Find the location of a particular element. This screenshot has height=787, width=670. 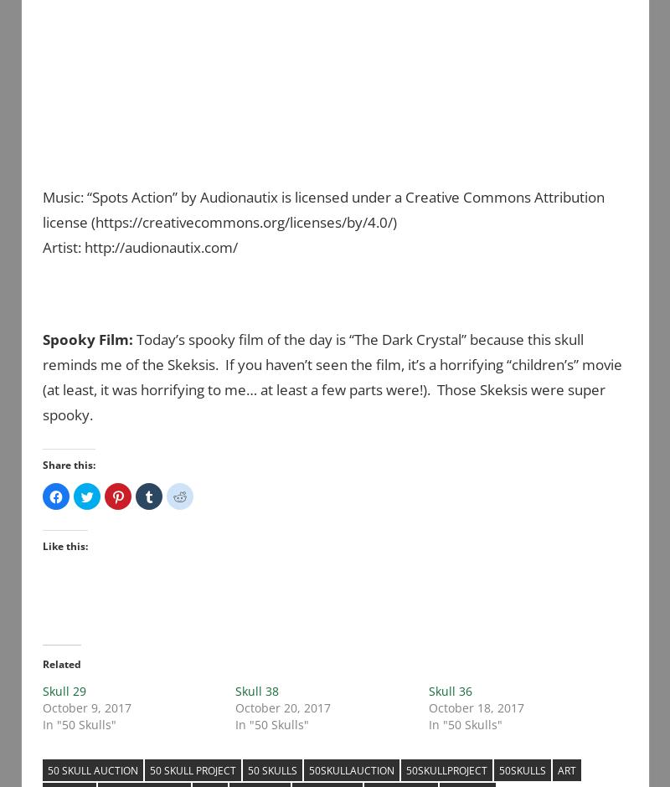

'Artist: http://audionautix.com/' is located at coordinates (42, 245).